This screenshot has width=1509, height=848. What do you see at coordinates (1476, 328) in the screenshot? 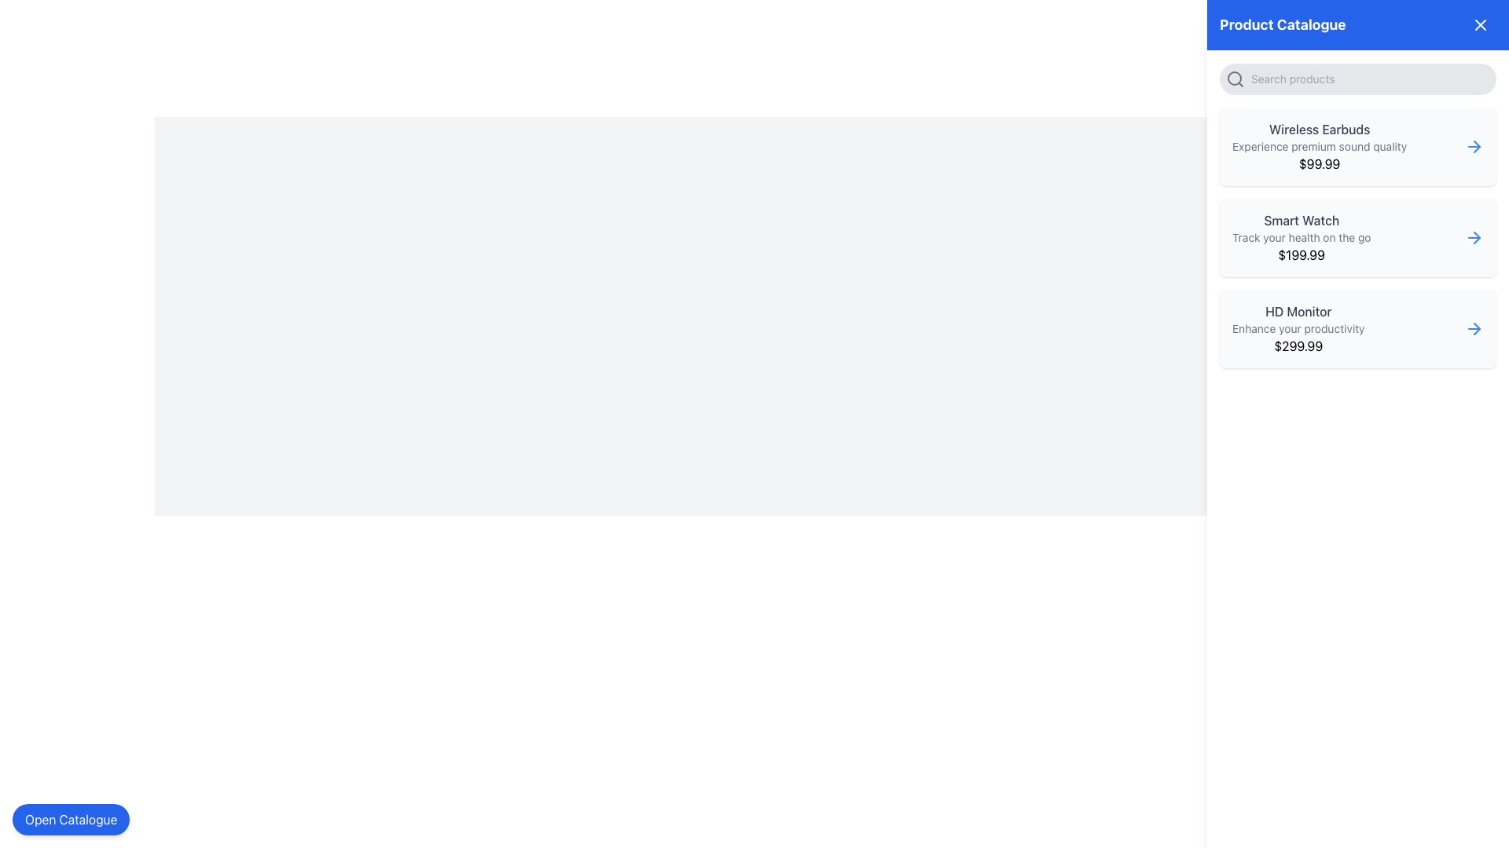
I see `the right-facing arrow icon located in the lower section of the product list for the 'HD Monitor'` at bounding box center [1476, 328].